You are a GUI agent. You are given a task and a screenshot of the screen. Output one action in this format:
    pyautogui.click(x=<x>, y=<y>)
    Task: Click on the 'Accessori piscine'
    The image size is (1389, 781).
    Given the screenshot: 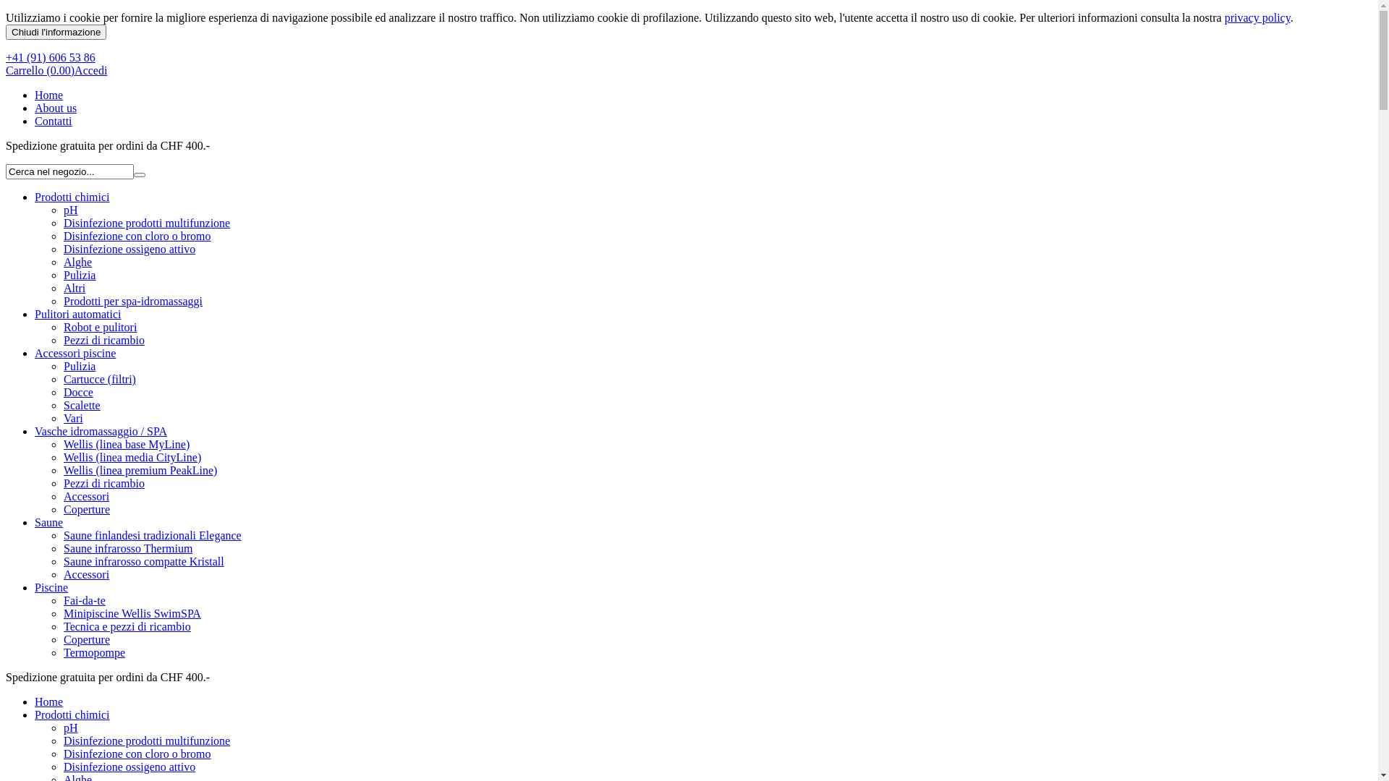 What is the action you would take?
    pyautogui.click(x=35, y=353)
    